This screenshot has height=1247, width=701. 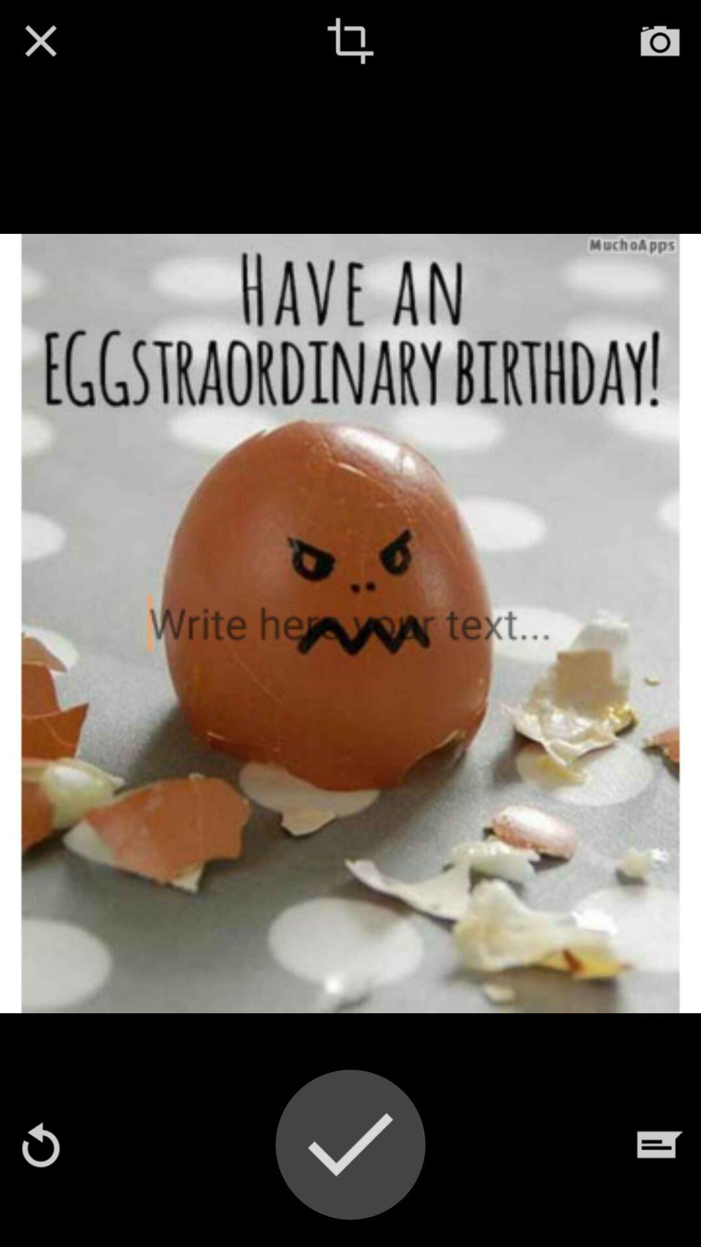 I want to click on the close icon, so click(x=40, y=40).